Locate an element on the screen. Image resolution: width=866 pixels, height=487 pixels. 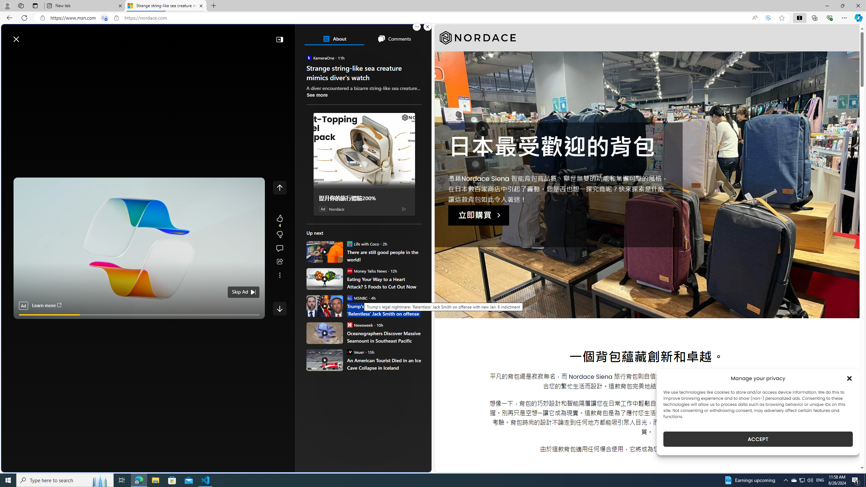
'Personal Profile' is located at coordinates (7, 5).